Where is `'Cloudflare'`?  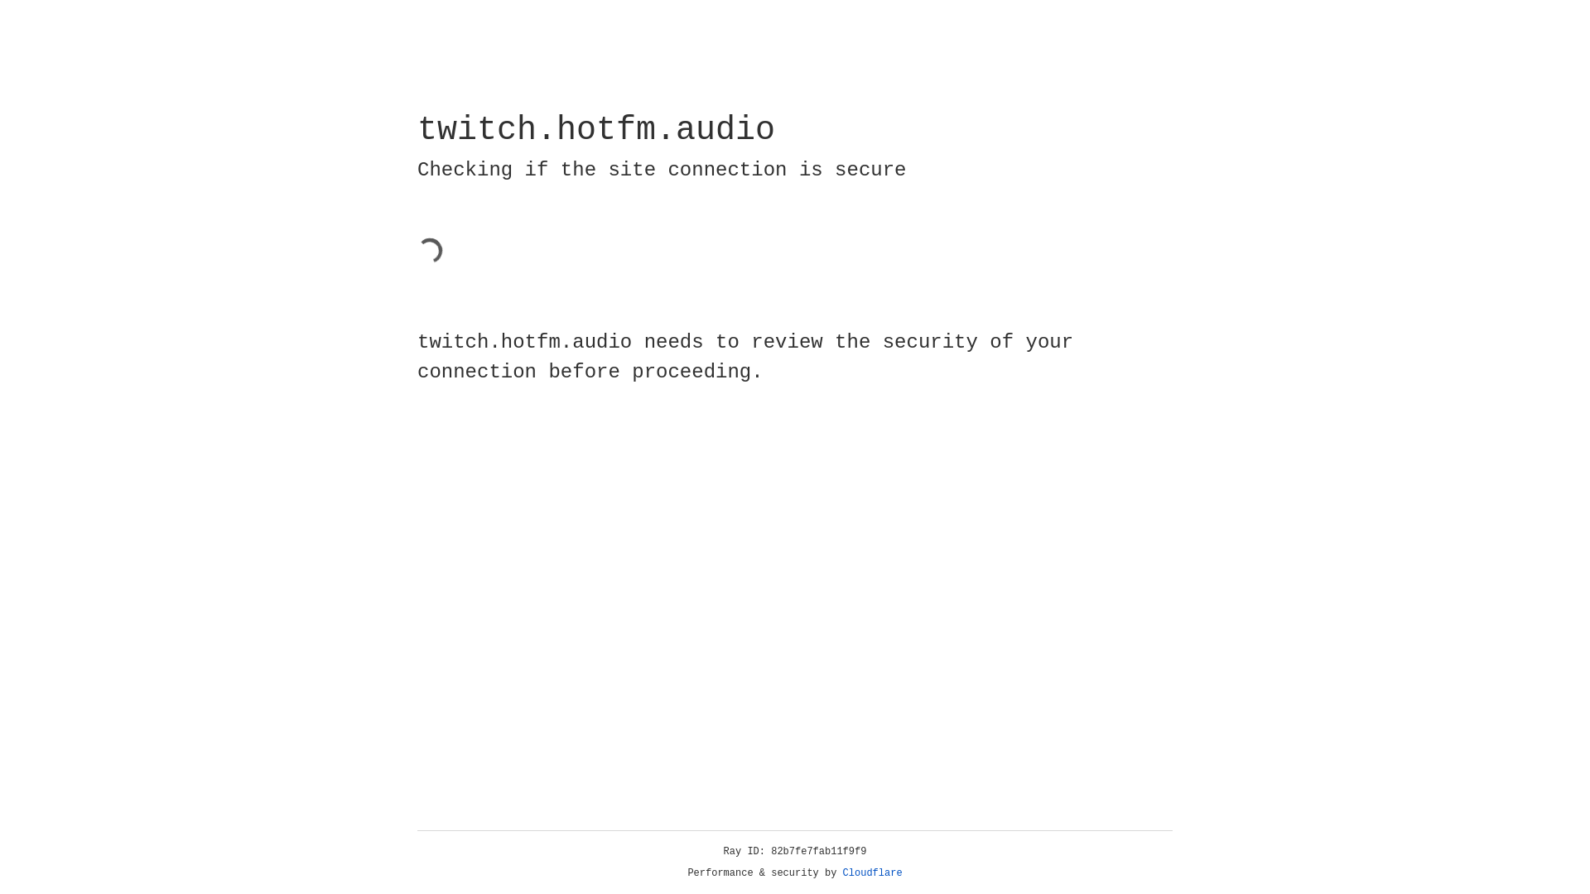 'Cloudflare' is located at coordinates (872, 872).